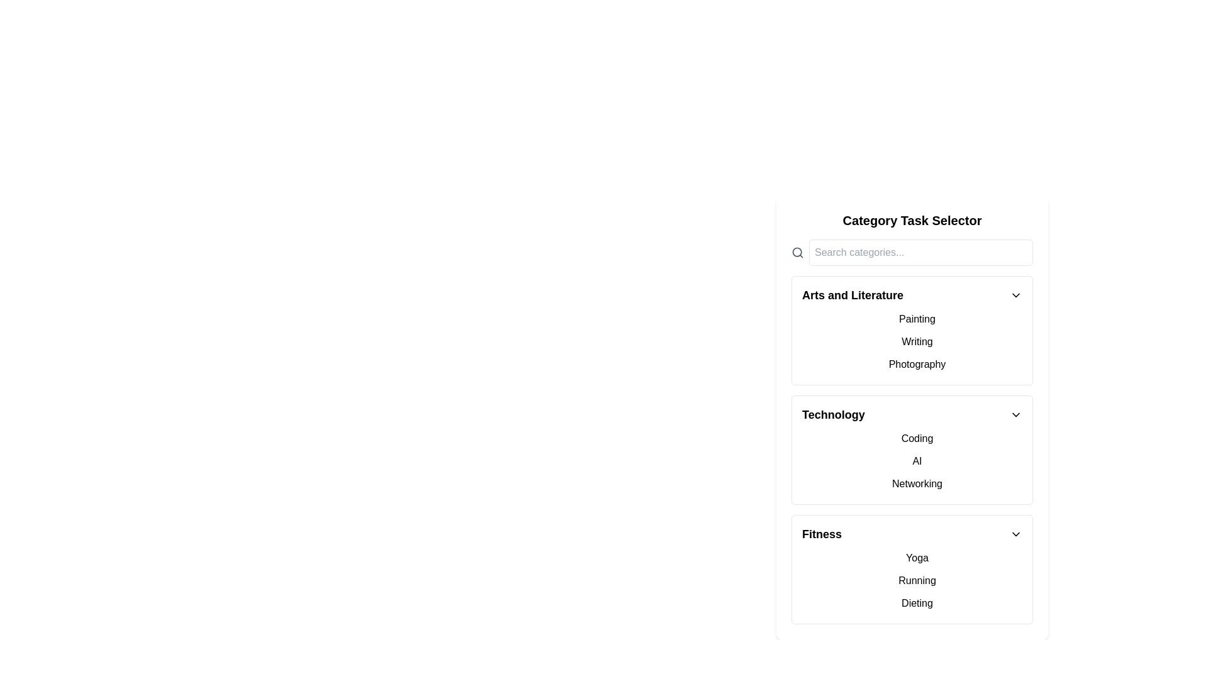  What do you see at coordinates (912, 220) in the screenshot?
I see `the header text label that indicates the purpose of the UI section, positioned above the search input field` at bounding box center [912, 220].